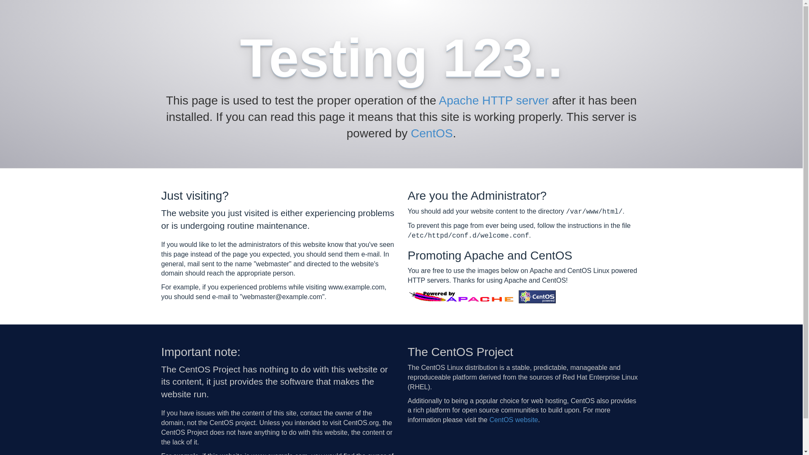 The width and height of the screenshot is (809, 455). What do you see at coordinates (494, 100) in the screenshot?
I see `'Apache HTTP server'` at bounding box center [494, 100].